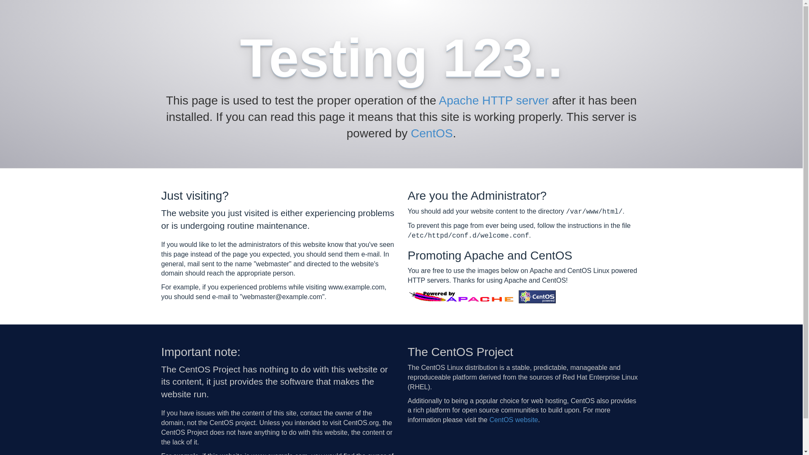 The width and height of the screenshot is (809, 455). What do you see at coordinates (494, 100) in the screenshot?
I see `'Apache HTTP server'` at bounding box center [494, 100].